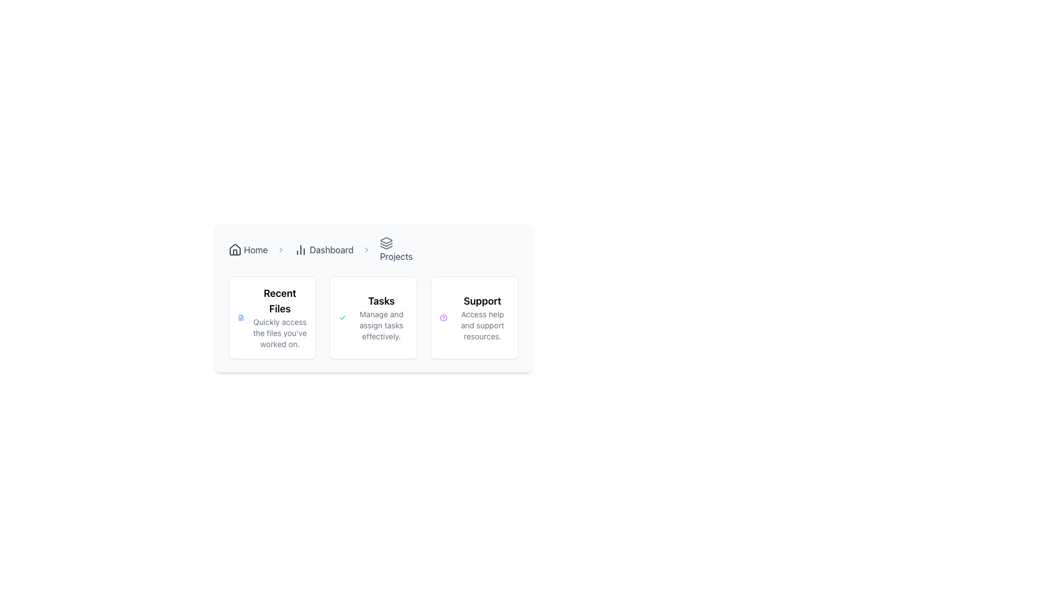 Image resolution: width=1060 pixels, height=596 pixels. What do you see at coordinates (396, 249) in the screenshot?
I see `the 'Projects' breadcrumb navigation link, which is the third item in the breadcrumb bar` at bounding box center [396, 249].